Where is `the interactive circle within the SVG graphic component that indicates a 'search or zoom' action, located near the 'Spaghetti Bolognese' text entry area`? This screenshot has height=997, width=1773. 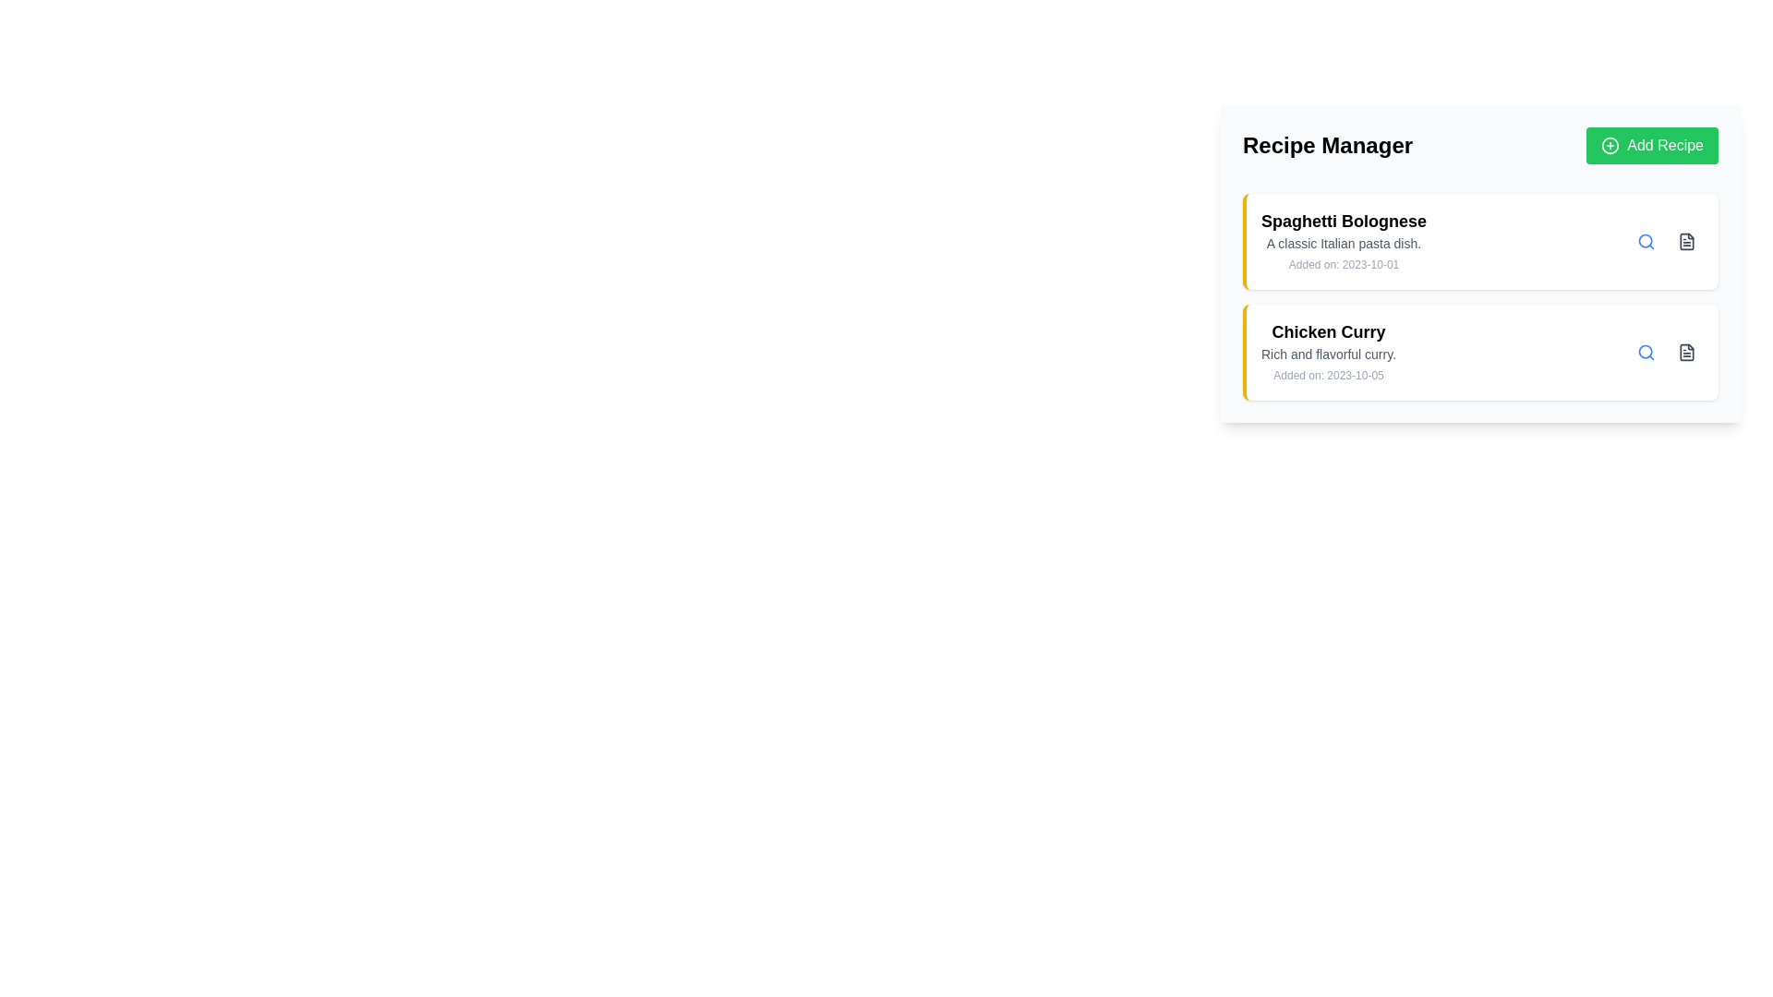
the interactive circle within the SVG graphic component that indicates a 'search or zoom' action, located near the 'Spaghetti Bolognese' text entry area is located at coordinates (1646, 352).